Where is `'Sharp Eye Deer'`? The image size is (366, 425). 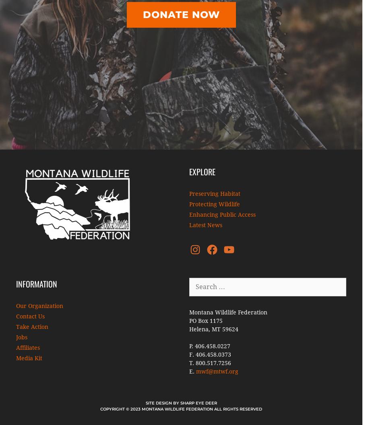 'Sharp Eye Deer' is located at coordinates (198, 402).